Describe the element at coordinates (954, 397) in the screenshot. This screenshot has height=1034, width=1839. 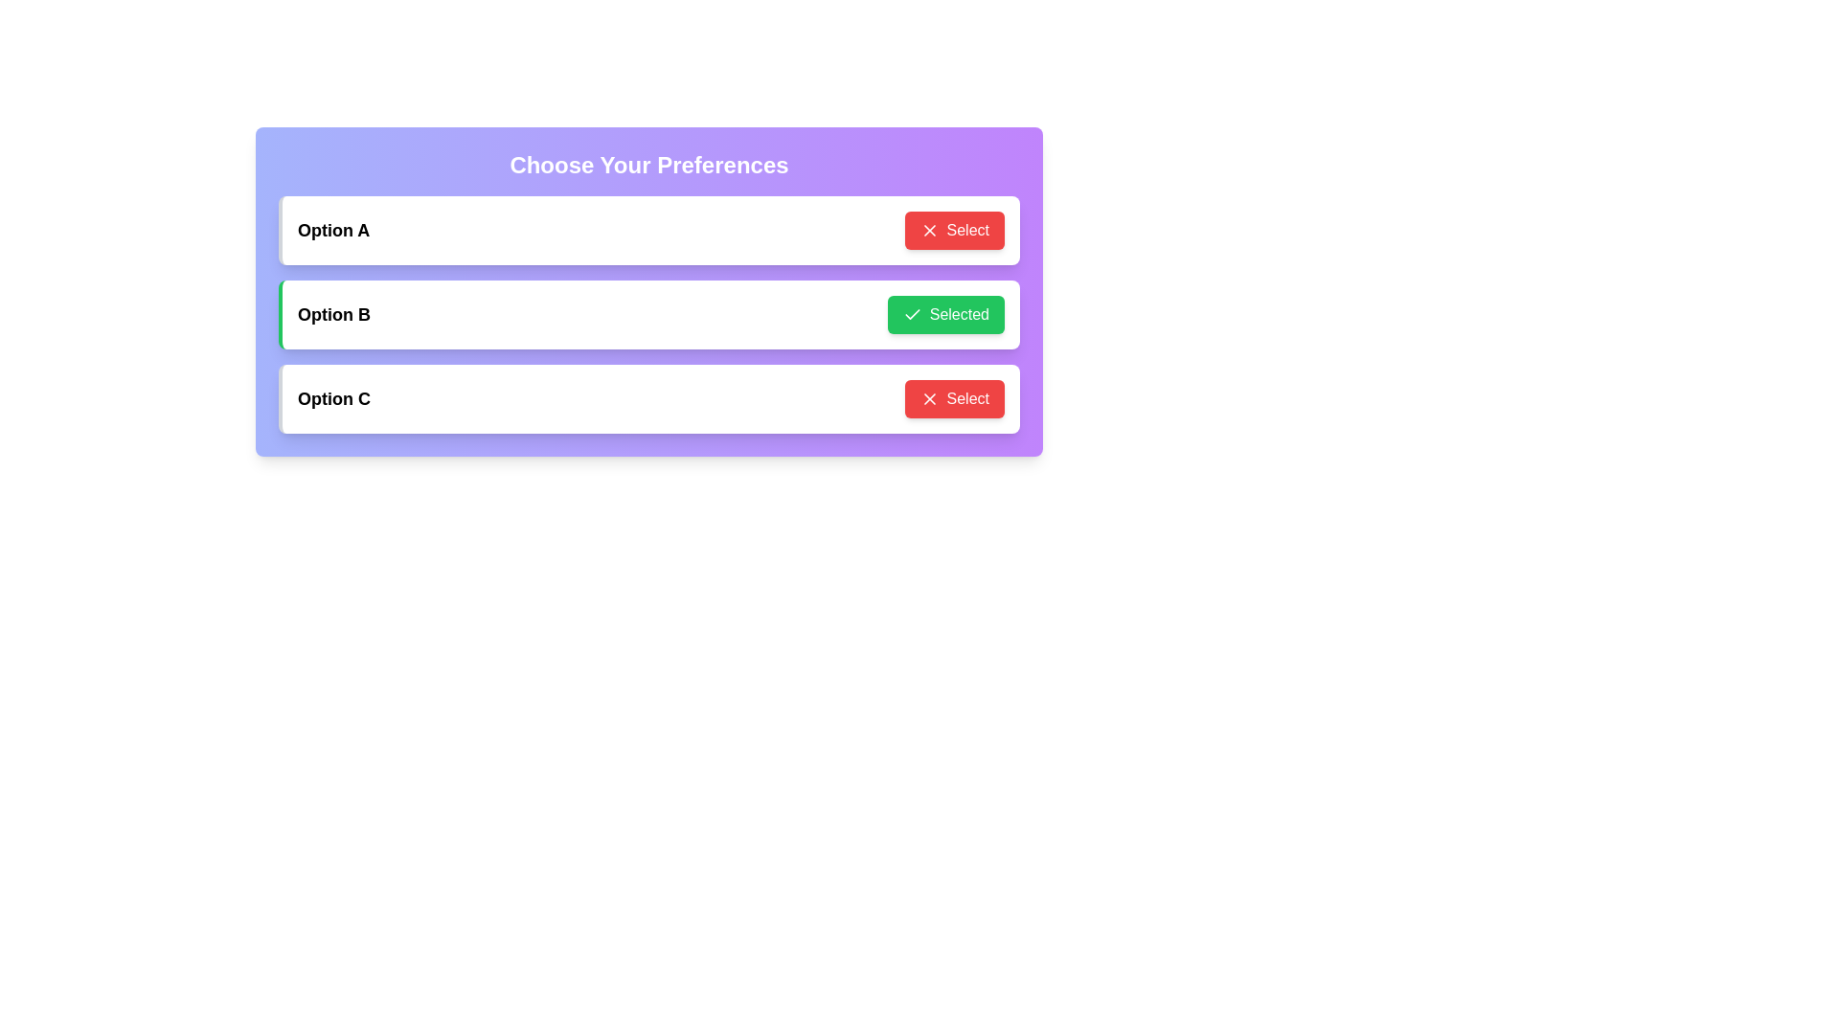
I see `the 'Select' button associated with Option C to toggle its selection state` at that location.